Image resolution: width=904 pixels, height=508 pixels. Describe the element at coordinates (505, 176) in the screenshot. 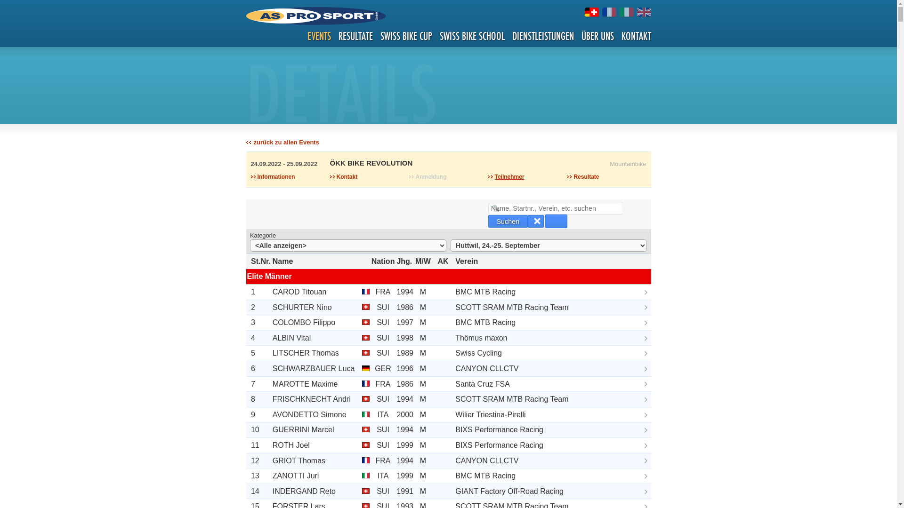

I see `'Teilnehmer'` at that location.